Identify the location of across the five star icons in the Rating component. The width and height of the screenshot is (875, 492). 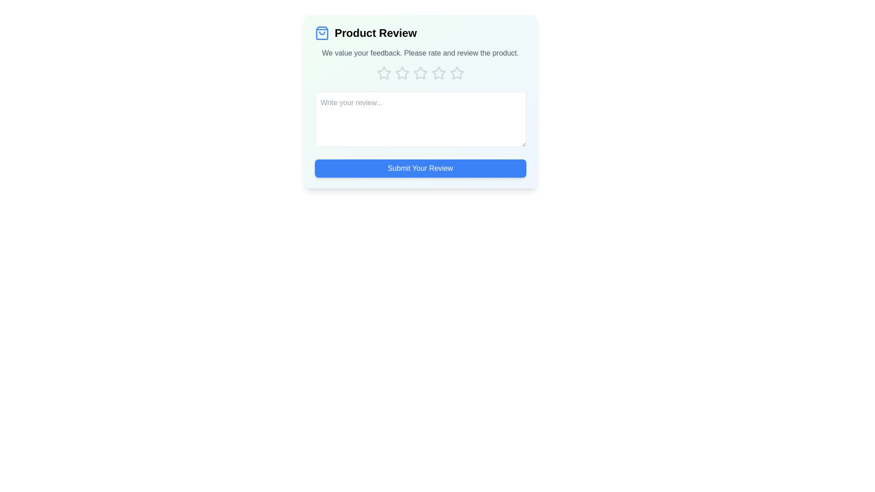
(420, 73).